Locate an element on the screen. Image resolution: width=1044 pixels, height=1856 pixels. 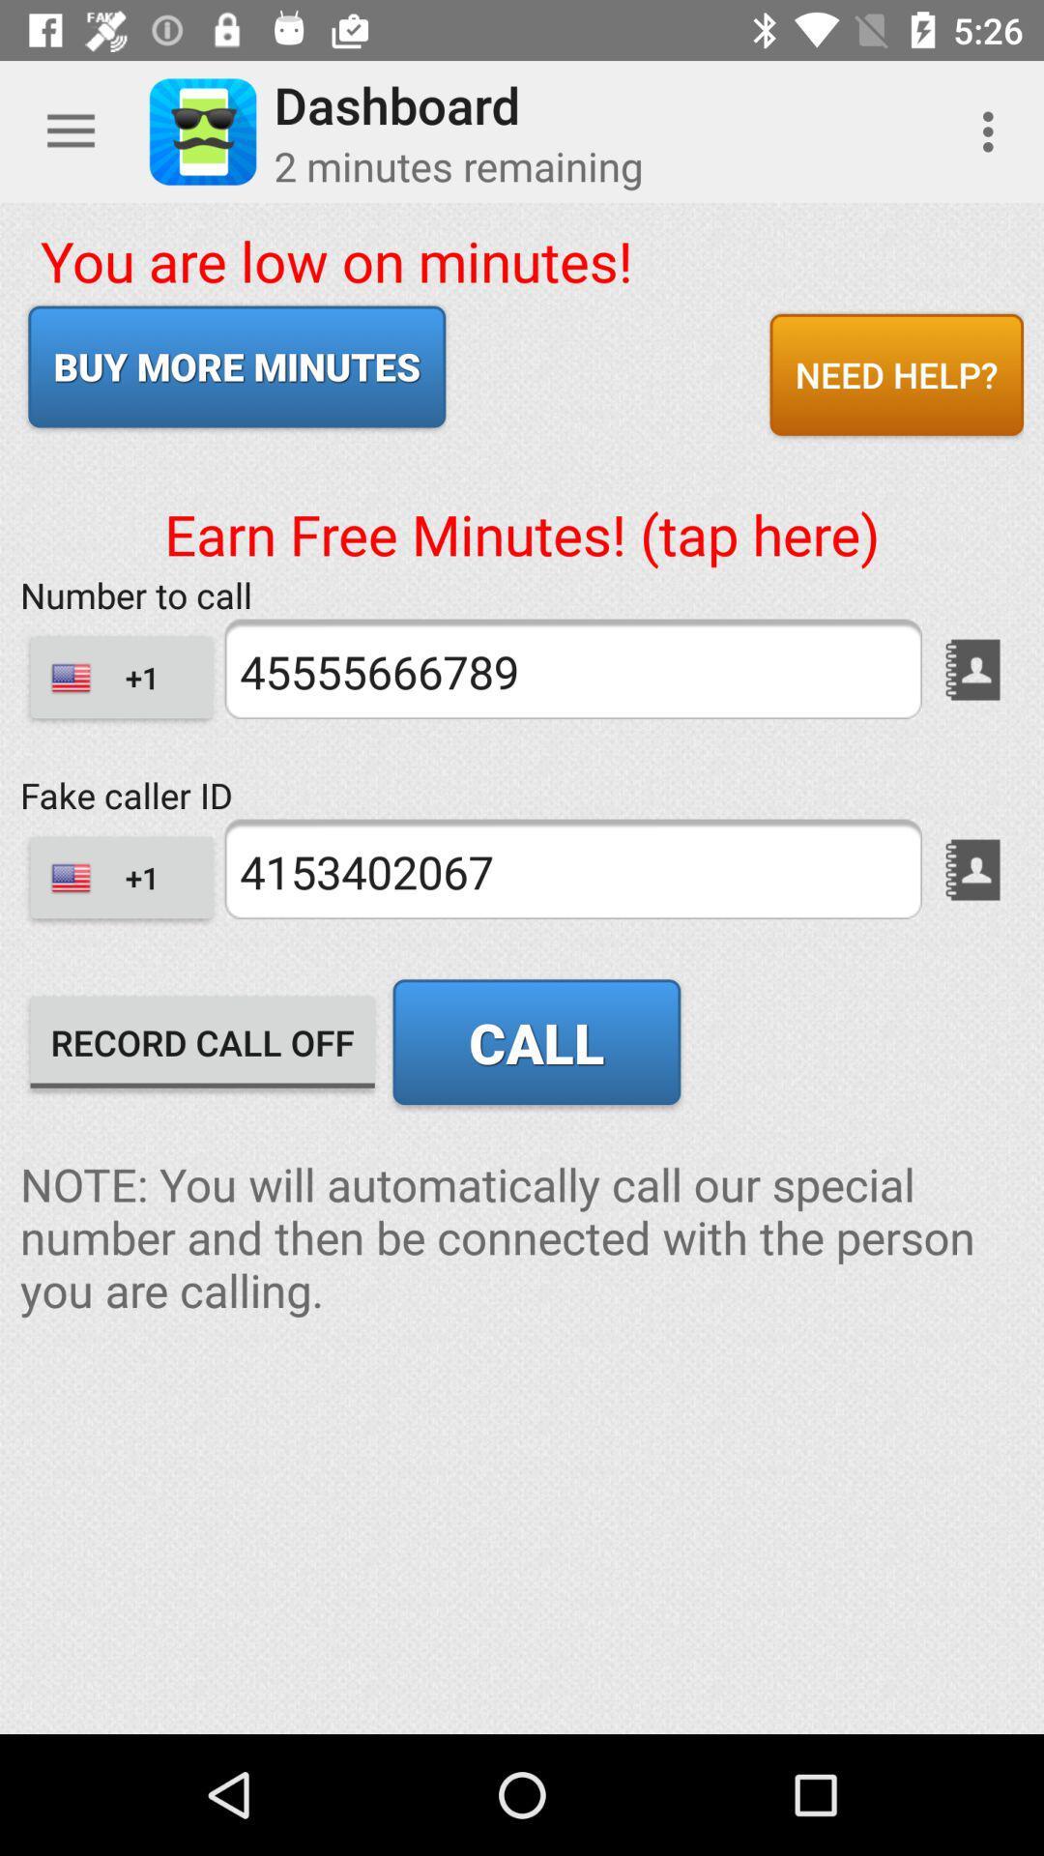
item to the left of need help? item is located at coordinates (236, 366).